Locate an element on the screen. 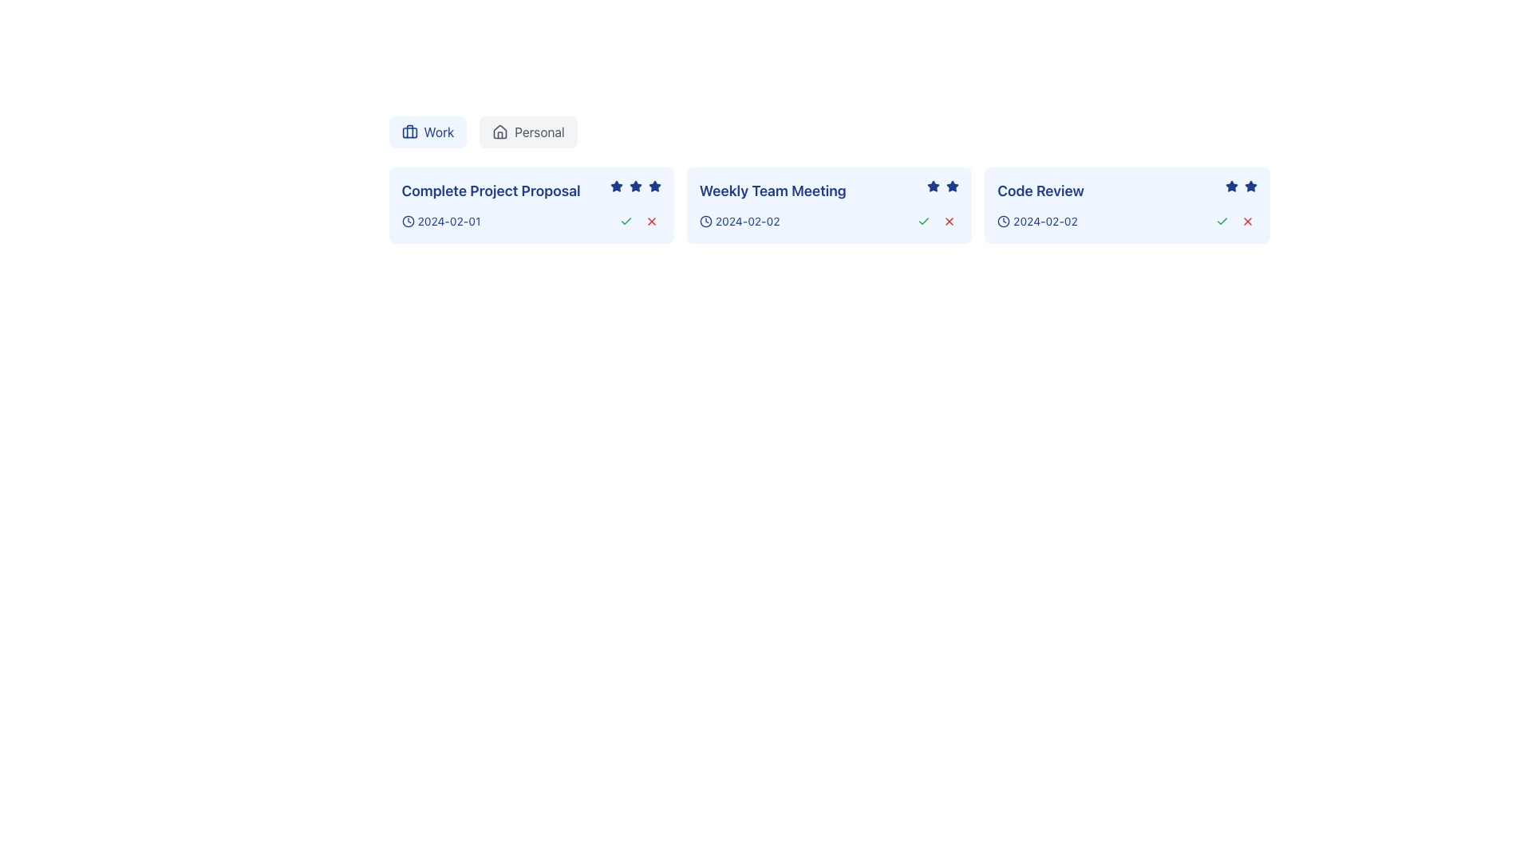 The height and width of the screenshot is (861, 1532). the first star icon, which is a bold, filled blue star located at the upper-right corner of the 'Complete Project Proposal' card, to mark it as favorite is located at coordinates (615, 186).